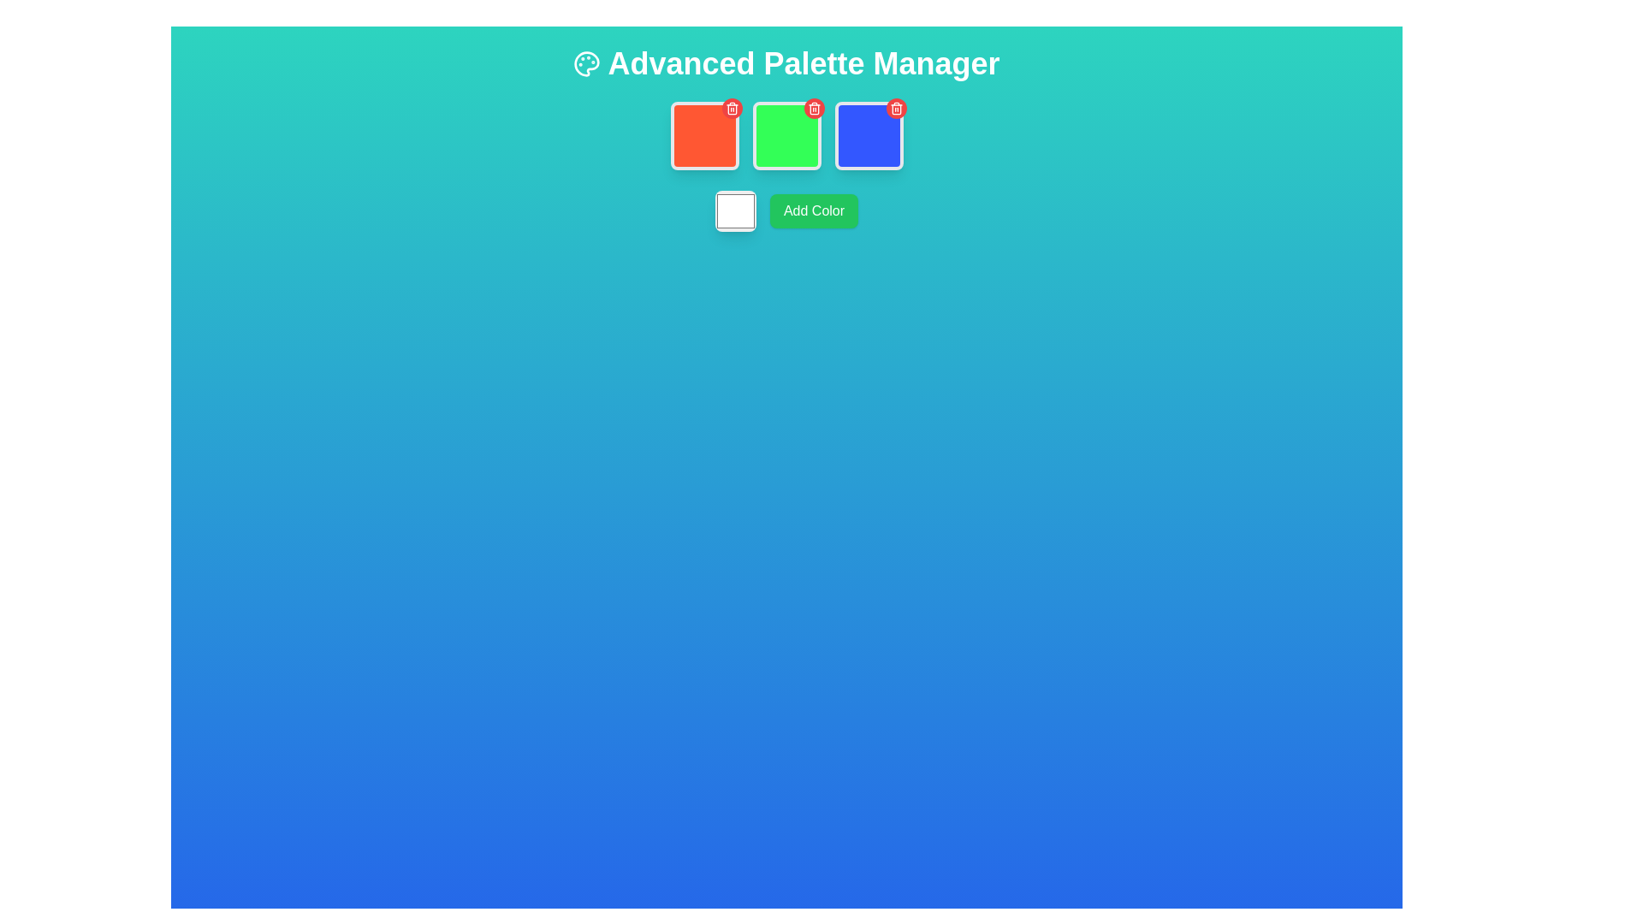  I want to click on the trash icon embedded in the interactive deletion button located in the top-right corner of the red square tile, so click(813, 109).